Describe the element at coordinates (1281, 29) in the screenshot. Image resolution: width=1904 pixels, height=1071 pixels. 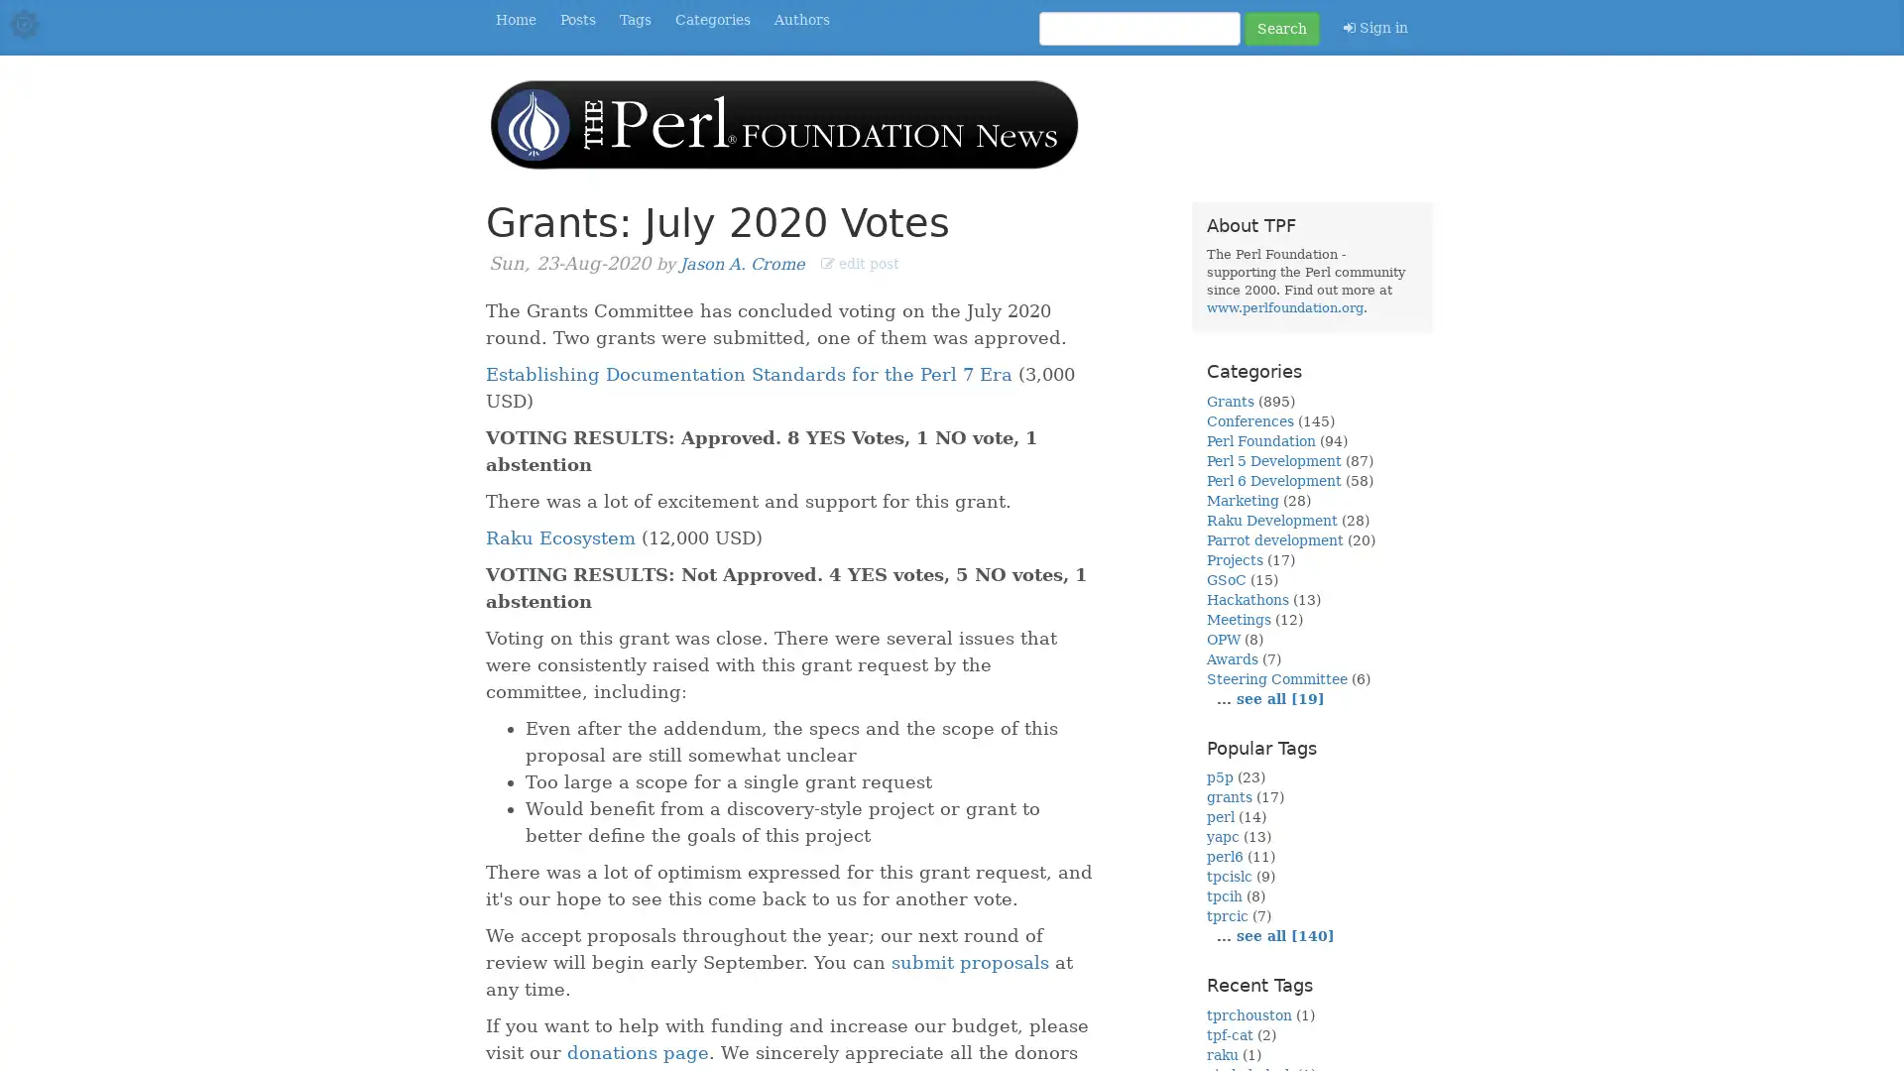
I see `Search` at that location.